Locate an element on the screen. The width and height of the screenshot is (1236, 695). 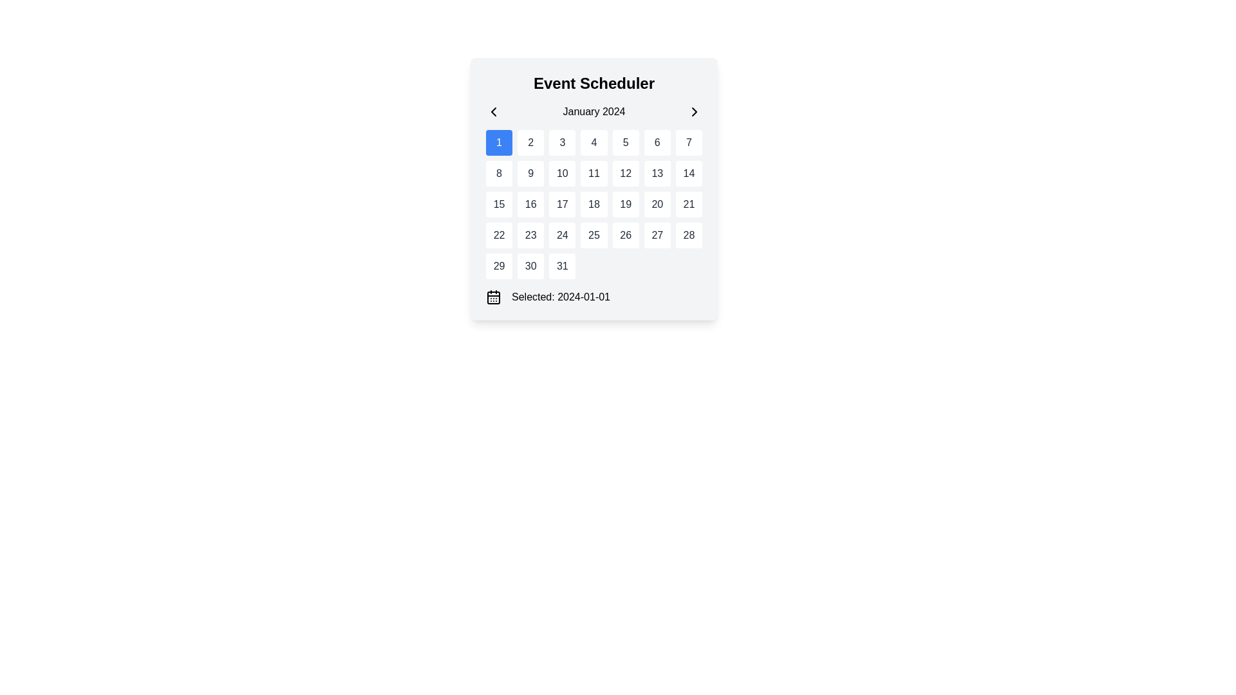
the button labeled '28' in the calendar view is located at coordinates (688, 236).